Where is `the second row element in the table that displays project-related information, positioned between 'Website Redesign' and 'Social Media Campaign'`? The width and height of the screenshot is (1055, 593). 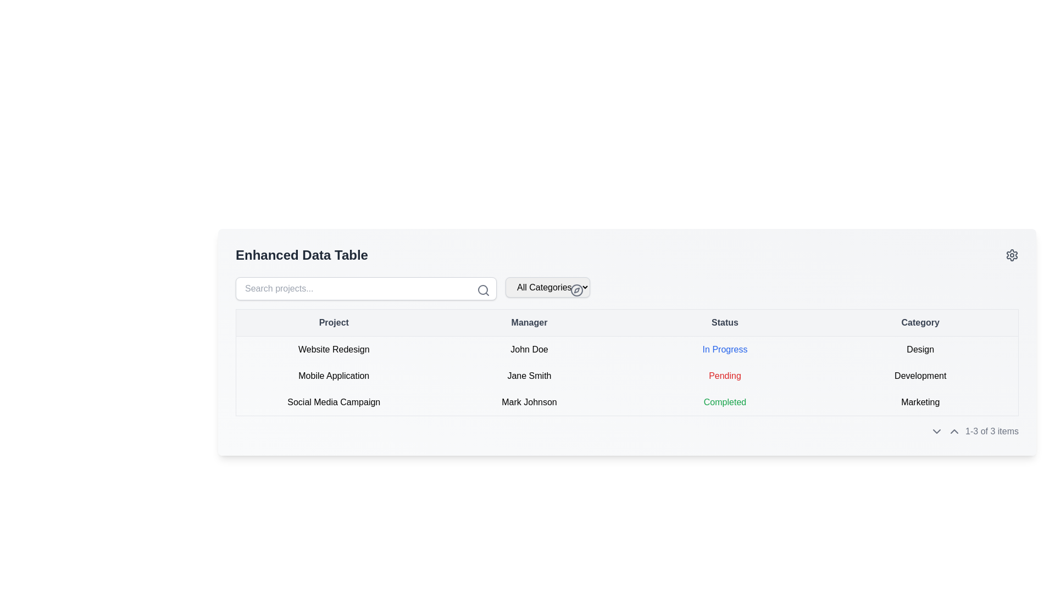 the second row element in the table that displays project-related information, positioned between 'Website Redesign' and 'Social Media Campaign' is located at coordinates (627, 376).